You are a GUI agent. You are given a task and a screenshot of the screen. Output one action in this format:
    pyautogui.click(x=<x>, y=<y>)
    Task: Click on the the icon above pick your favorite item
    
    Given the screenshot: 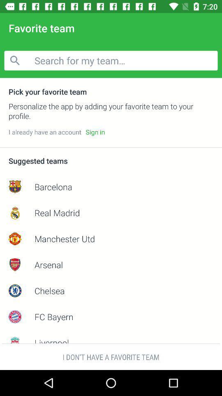 What is the action you would take?
    pyautogui.click(x=111, y=60)
    